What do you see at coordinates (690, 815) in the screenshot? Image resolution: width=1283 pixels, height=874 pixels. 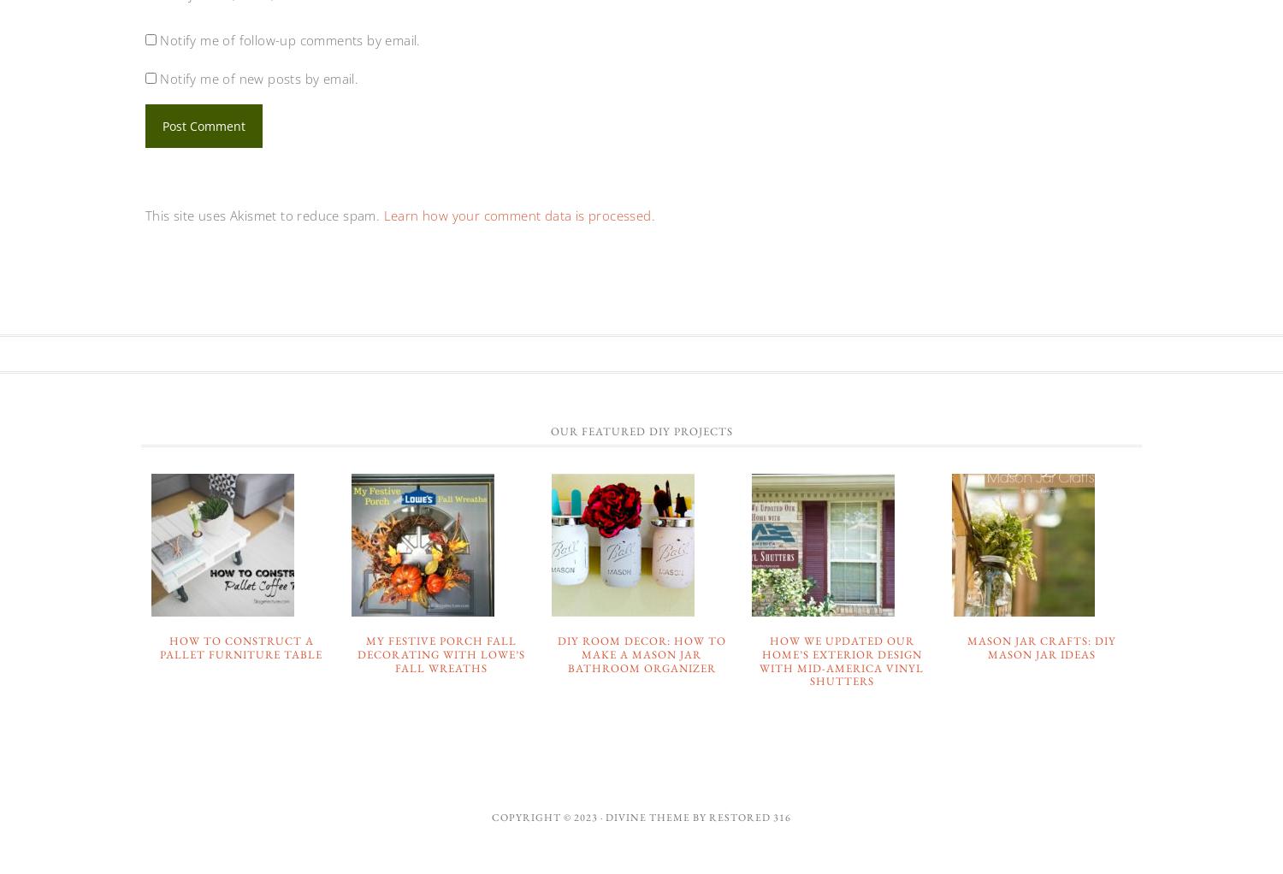 I see `'by'` at bounding box center [690, 815].